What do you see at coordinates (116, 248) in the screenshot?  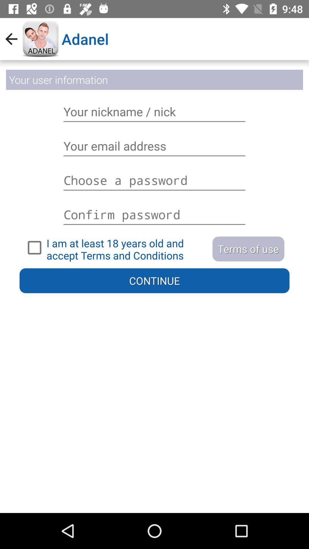 I see `check the box beside terms of use` at bounding box center [116, 248].